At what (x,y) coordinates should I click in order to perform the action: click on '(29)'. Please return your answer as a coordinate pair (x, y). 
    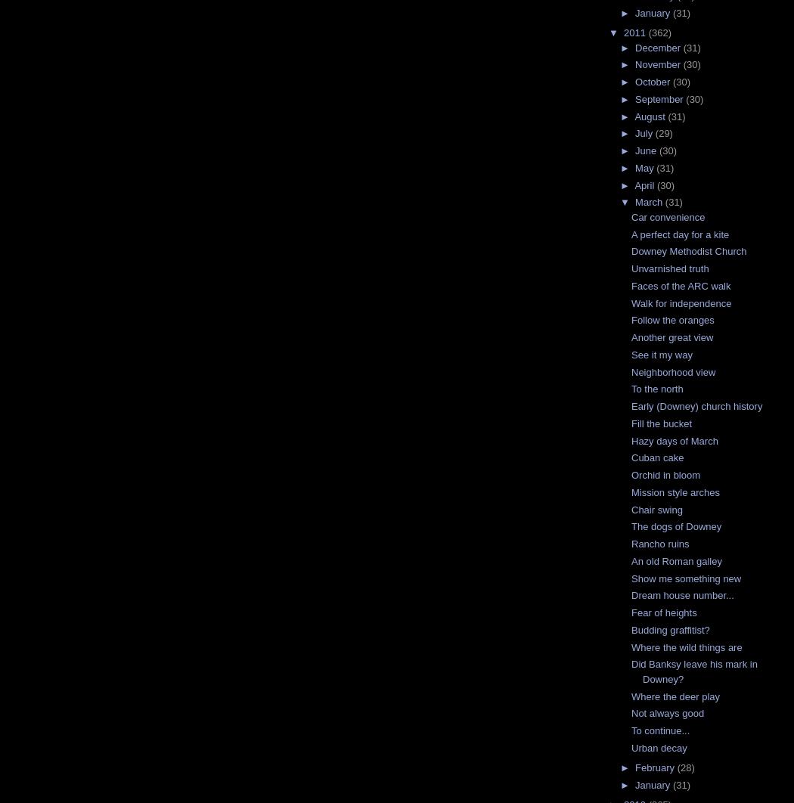
    Looking at the image, I should click on (662, 133).